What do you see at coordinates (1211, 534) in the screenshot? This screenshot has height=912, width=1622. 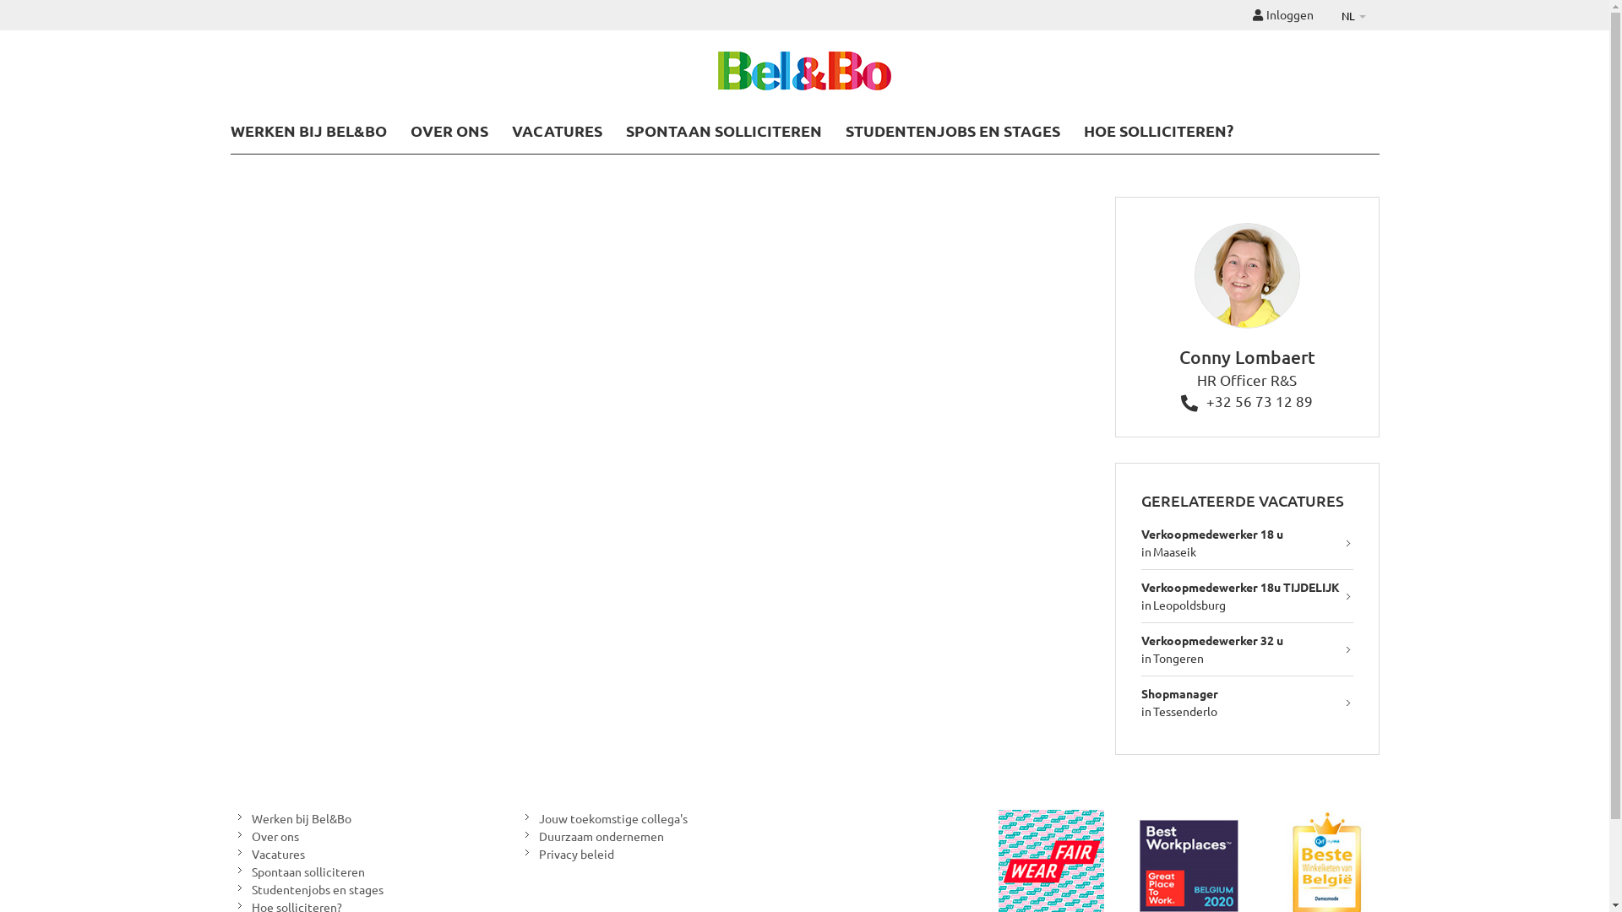 I see `'Verkoopmedewerker 18 u'` at bounding box center [1211, 534].